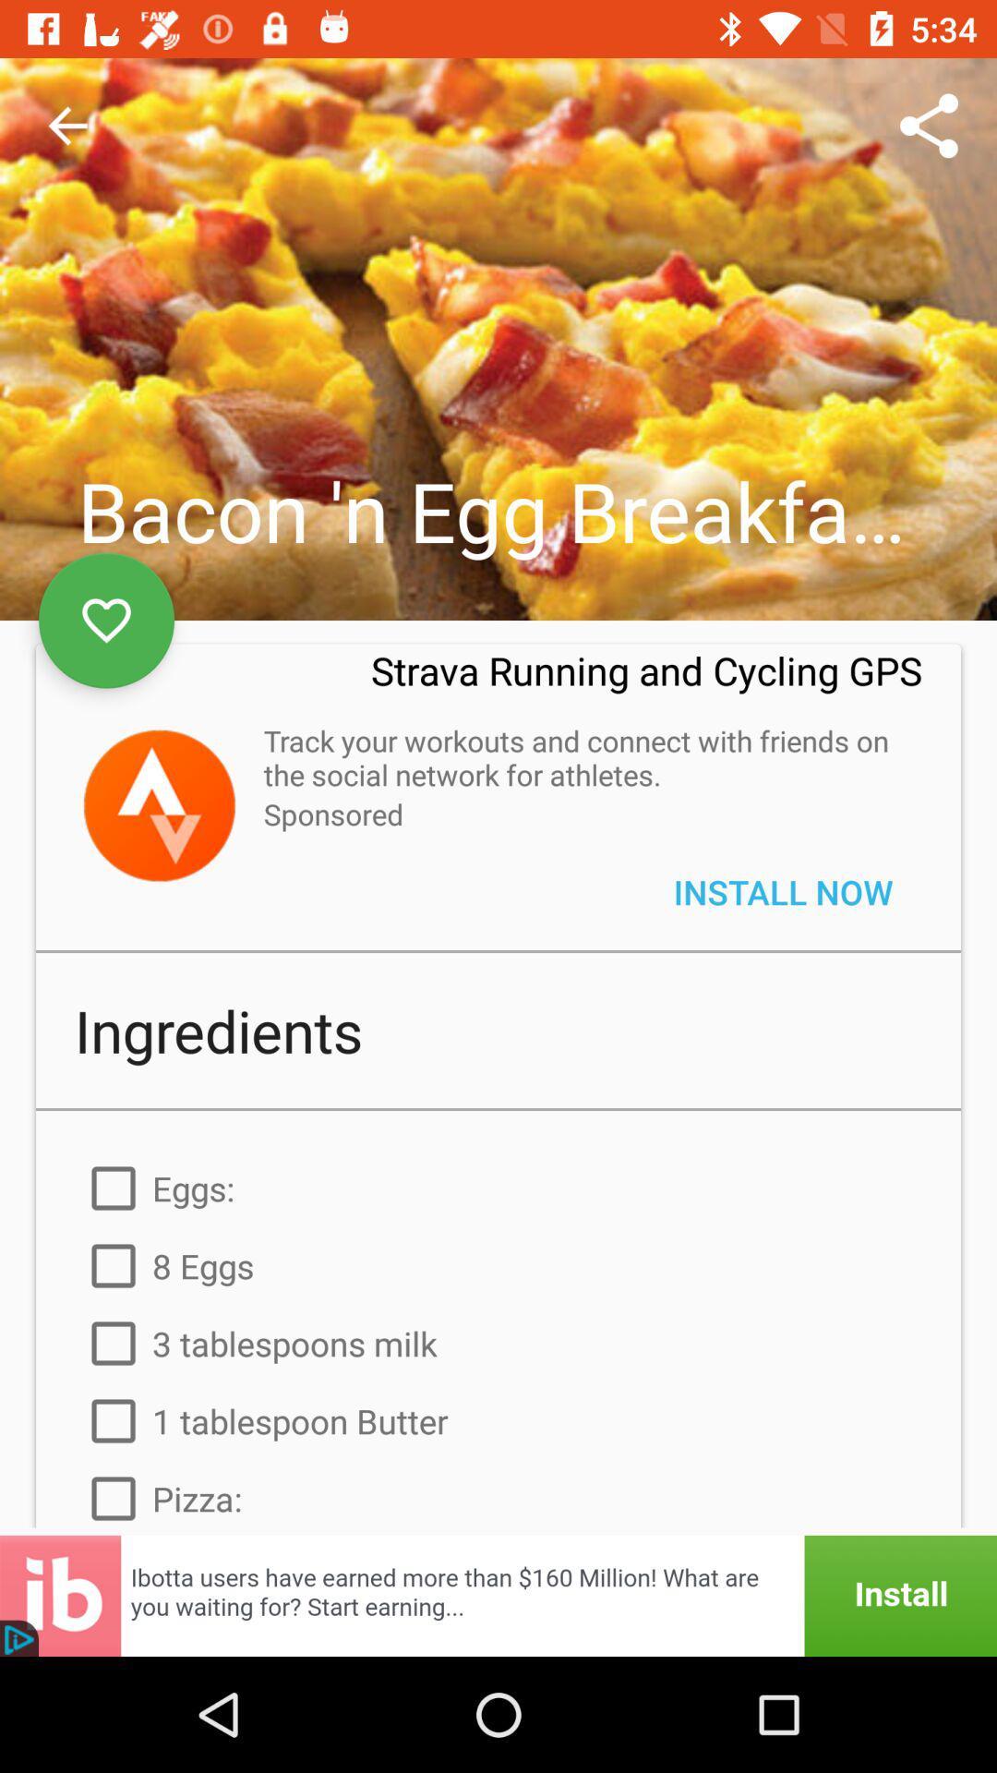  Describe the element at coordinates (158, 805) in the screenshot. I see `connect with friends` at that location.